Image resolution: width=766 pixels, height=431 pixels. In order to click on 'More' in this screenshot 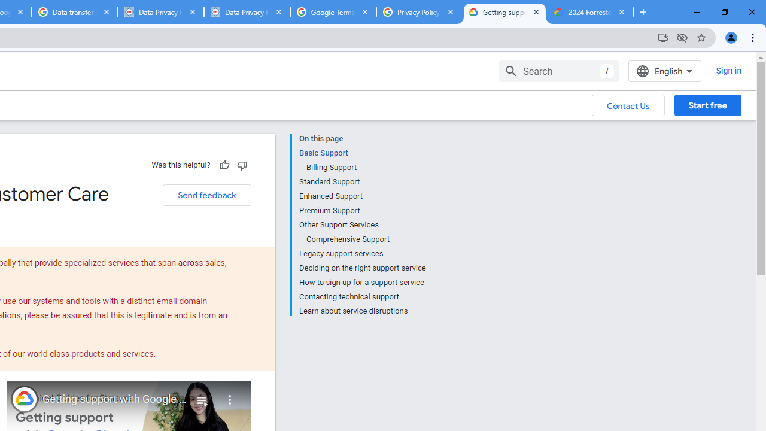, I will do `click(230, 395)`.